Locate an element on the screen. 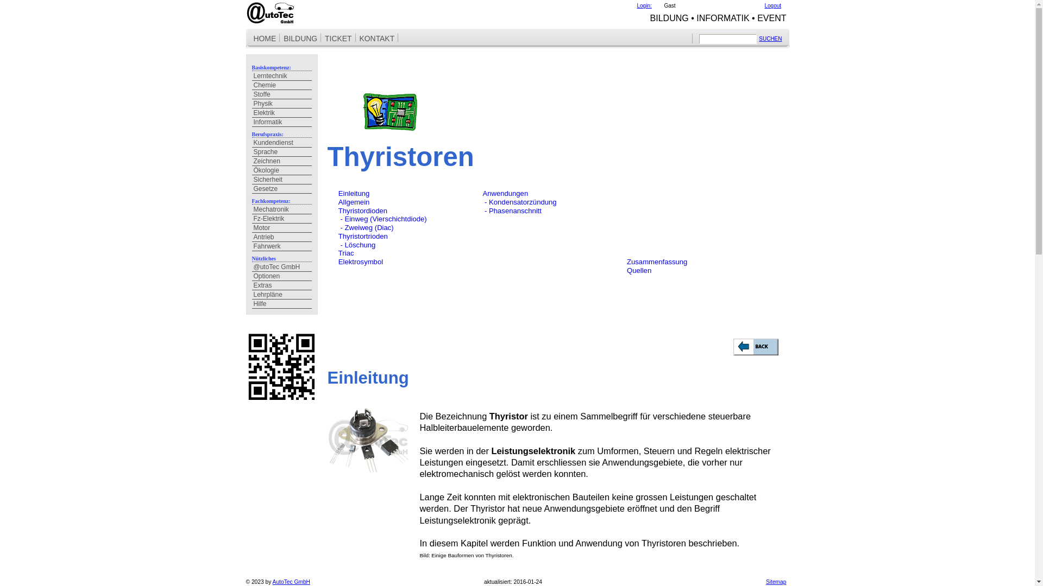 The image size is (1043, 586). 'HOME' is located at coordinates (265, 37).